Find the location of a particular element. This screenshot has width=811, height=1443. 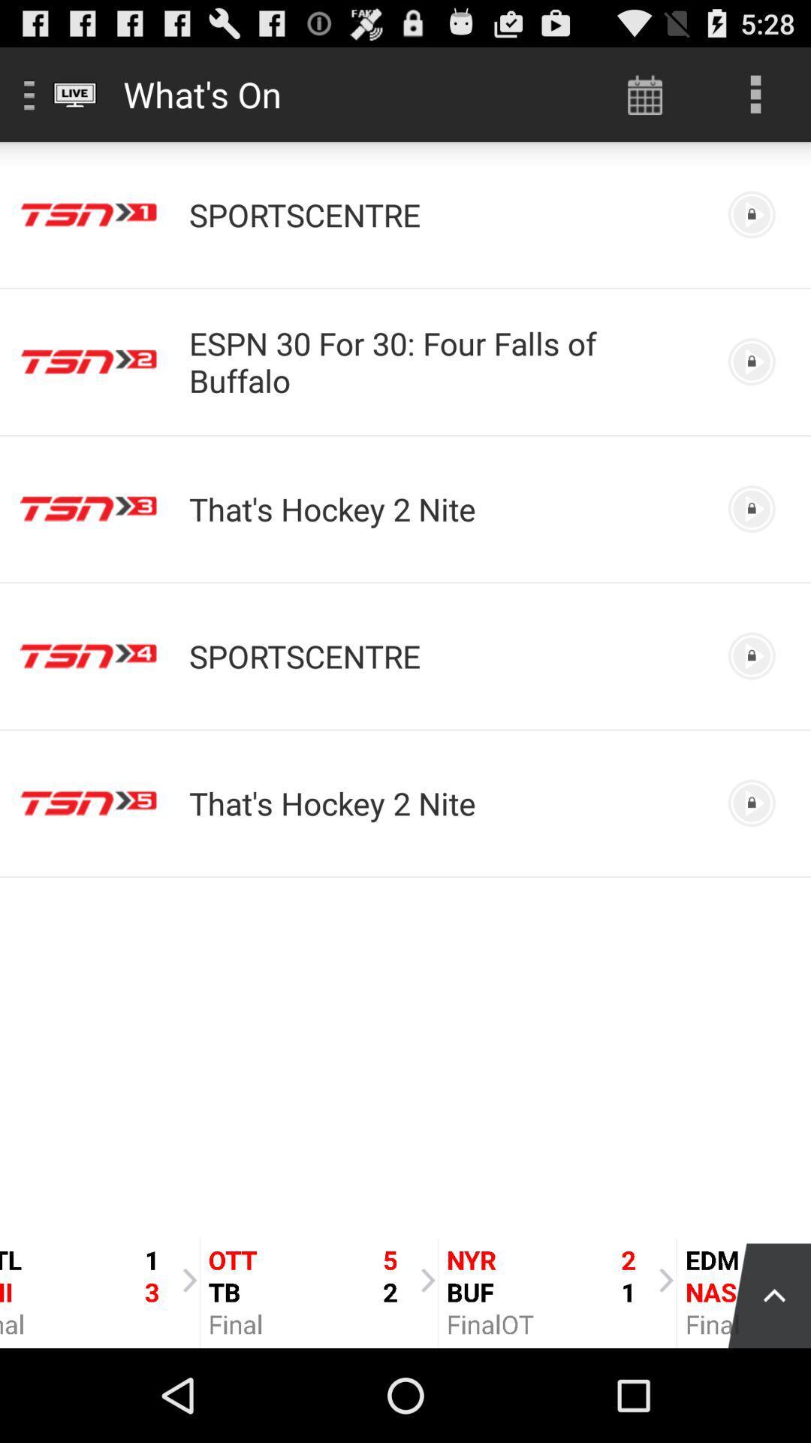

icon next to what's on is located at coordinates (644, 93).